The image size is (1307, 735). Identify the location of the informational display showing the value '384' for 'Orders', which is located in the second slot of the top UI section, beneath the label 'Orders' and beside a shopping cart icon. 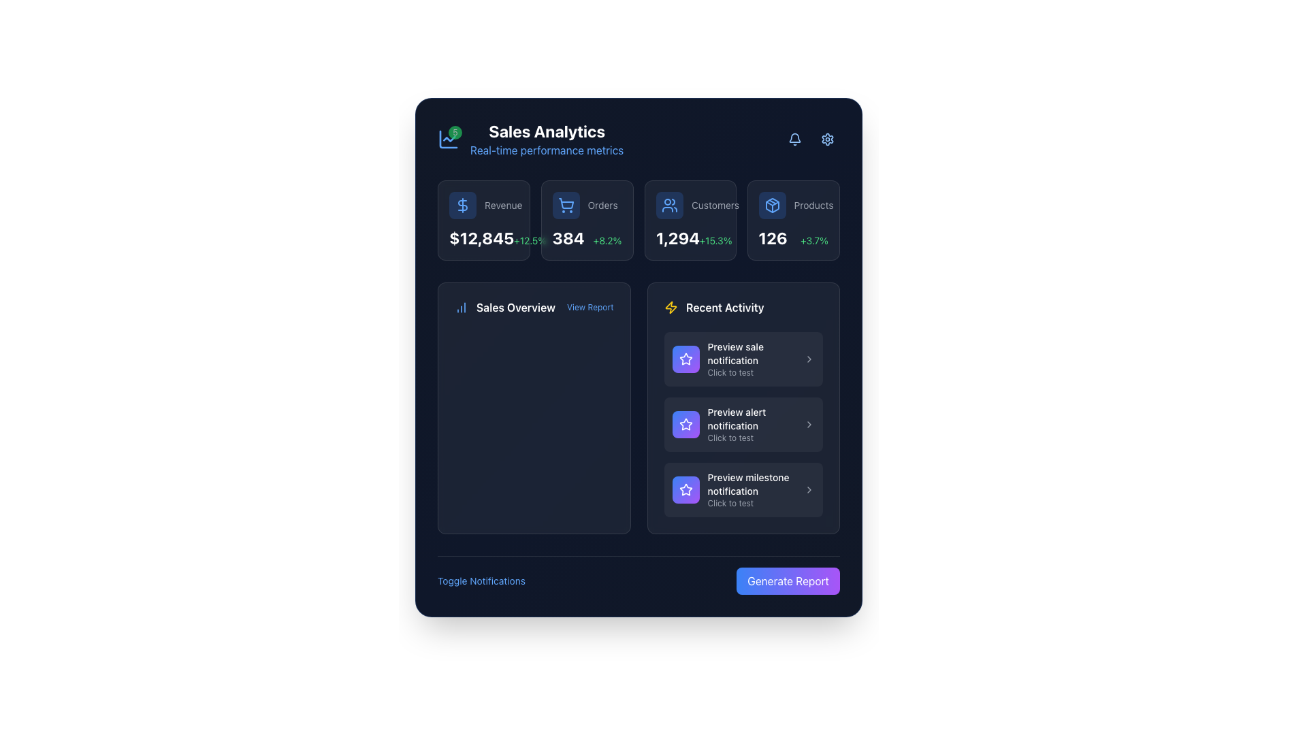
(587, 238).